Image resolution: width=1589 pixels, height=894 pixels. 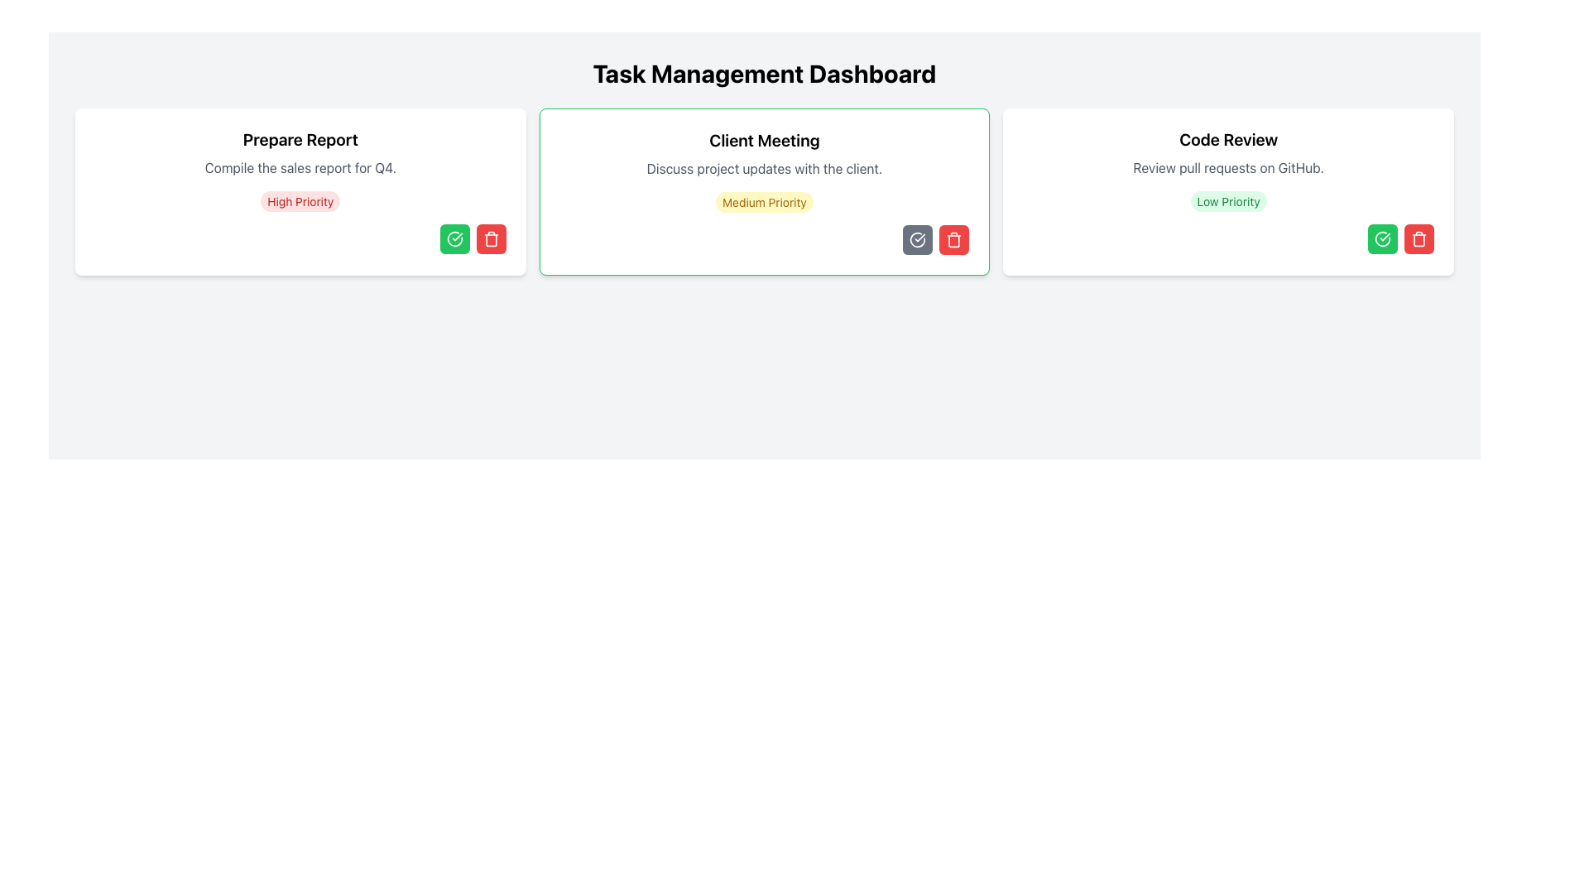 I want to click on the green circular icon with a checkmark inside, located in the 'Prepare Report' task card, to mark the task as completed, so click(x=454, y=239).